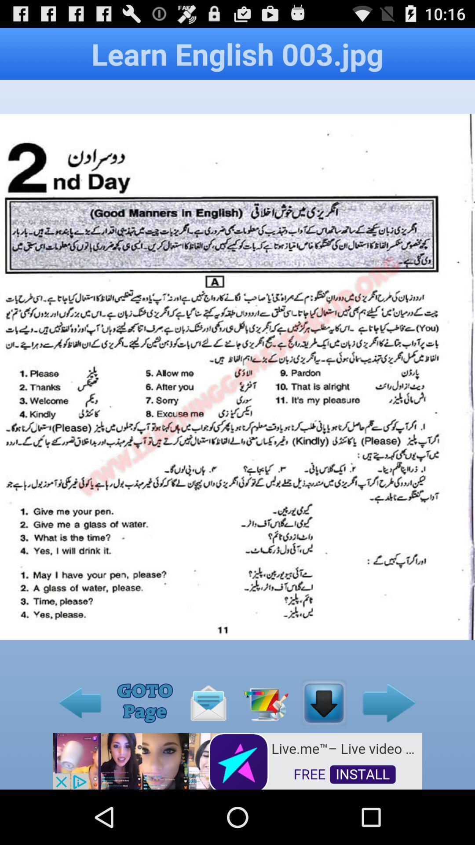  I want to click on the arrow_forward icon, so click(387, 751).